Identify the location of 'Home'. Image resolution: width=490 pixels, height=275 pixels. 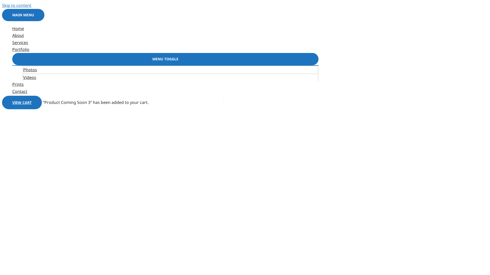
(165, 29).